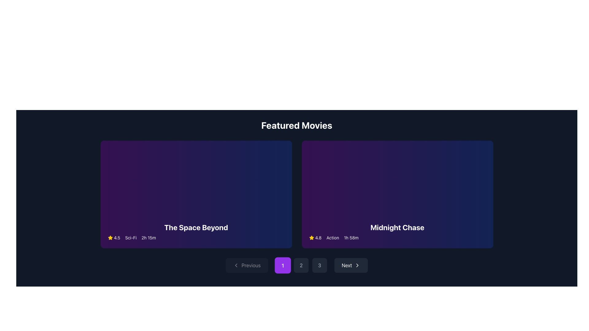 This screenshot has width=589, height=331. I want to click on the prominent header titled 'Featured Movies', which is styled with large white bold text and is located at the top of the section above the movie cards, so click(297, 125).